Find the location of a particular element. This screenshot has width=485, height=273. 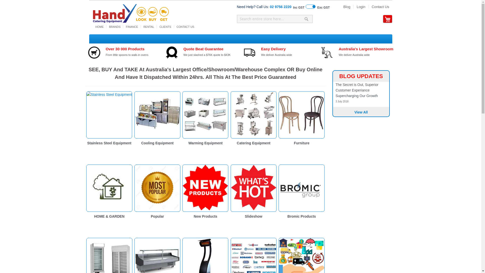

'CLIENTS' is located at coordinates (165, 27).